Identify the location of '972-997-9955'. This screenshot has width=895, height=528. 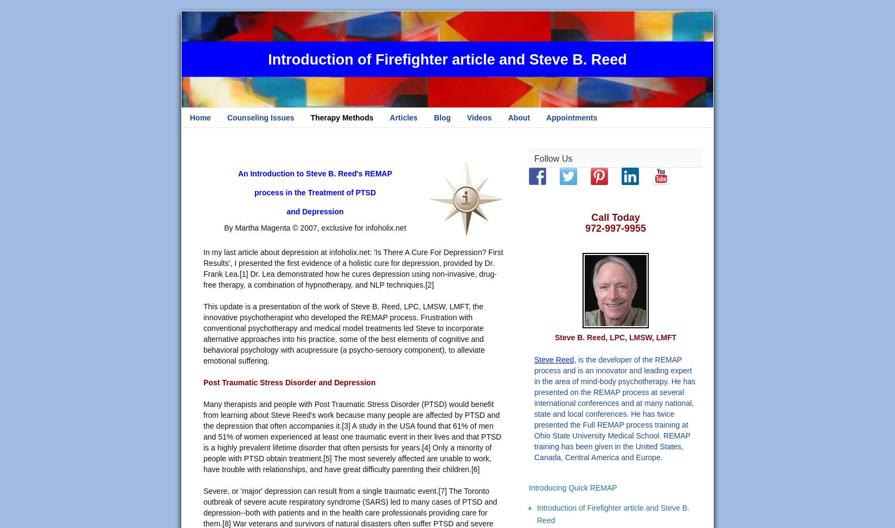
(584, 228).